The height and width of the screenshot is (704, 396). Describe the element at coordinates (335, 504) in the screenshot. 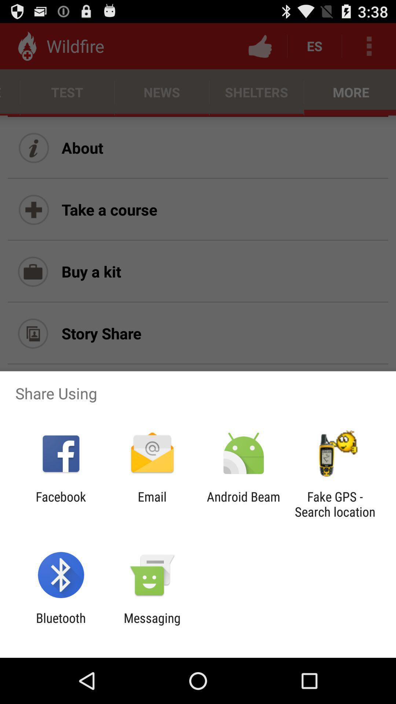

I see `app at the bottom right corner` at that location.